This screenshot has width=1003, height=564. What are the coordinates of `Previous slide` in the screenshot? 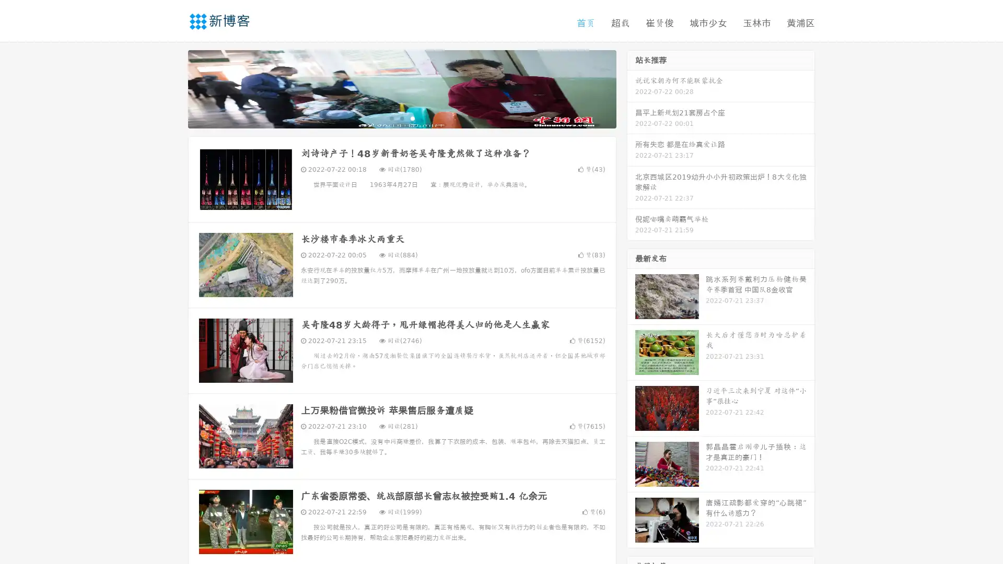 It's located at (172, 88).